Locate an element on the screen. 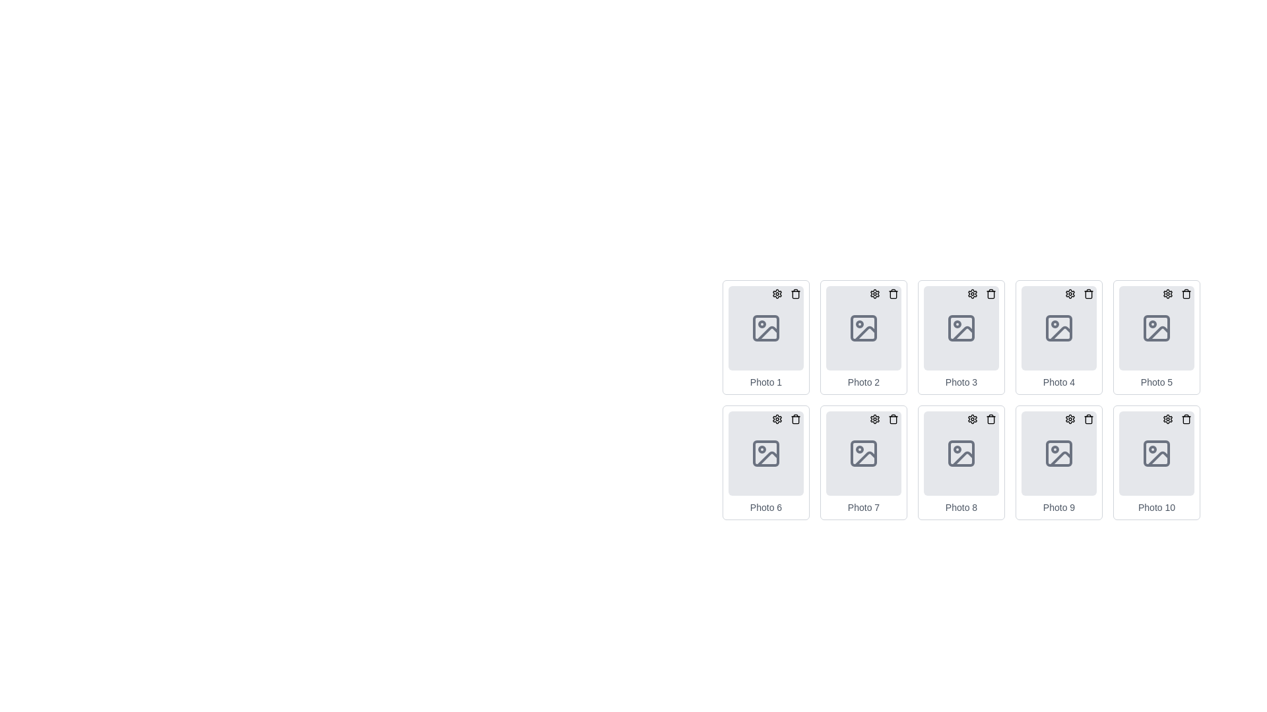 Image resolution: width=1267 pixels, height=712 pixels. the settings button located in the top-right corner of the 'Photo 7' card is located at coordinates (874, 419).